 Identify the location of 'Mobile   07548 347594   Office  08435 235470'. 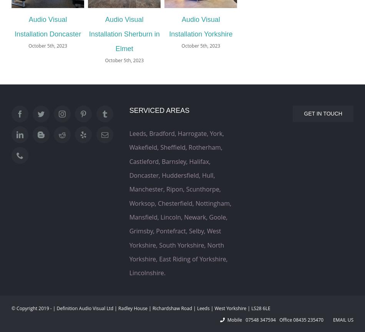
(277, 319).